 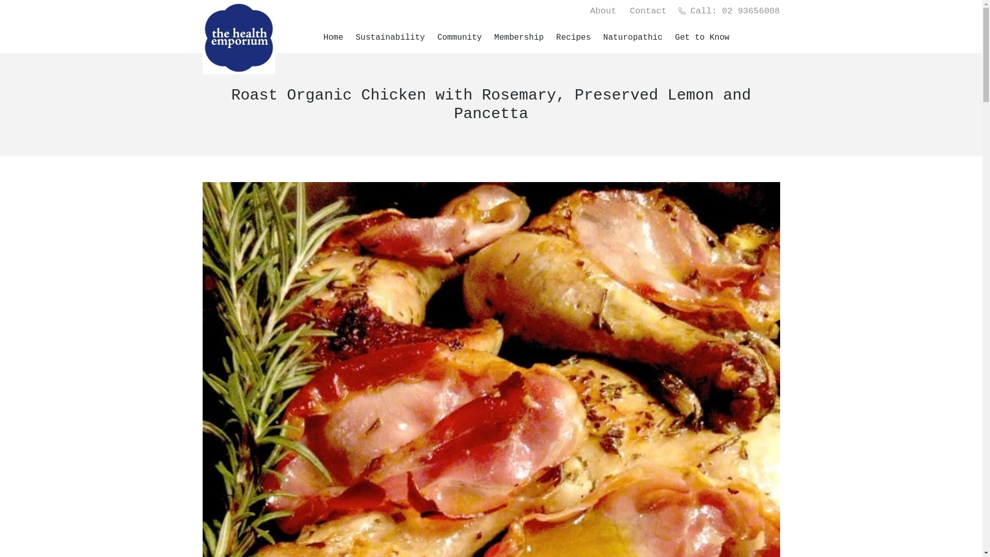 What do you see at coordinates (520, 37) in the screenshot?
I see `'Membership'` at bounding box center [520, 37].